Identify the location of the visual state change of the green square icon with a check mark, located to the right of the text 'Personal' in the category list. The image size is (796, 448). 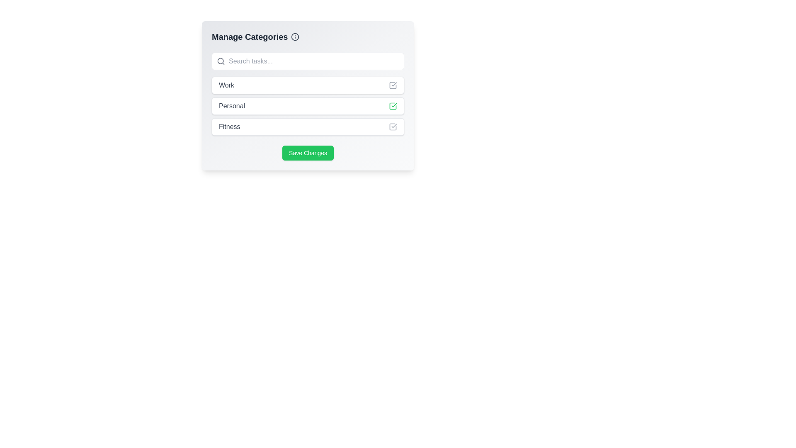
(393, 105).